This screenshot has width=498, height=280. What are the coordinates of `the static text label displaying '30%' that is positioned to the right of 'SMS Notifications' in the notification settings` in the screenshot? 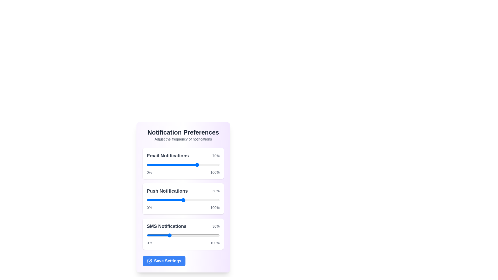 It's located at (216, 226).